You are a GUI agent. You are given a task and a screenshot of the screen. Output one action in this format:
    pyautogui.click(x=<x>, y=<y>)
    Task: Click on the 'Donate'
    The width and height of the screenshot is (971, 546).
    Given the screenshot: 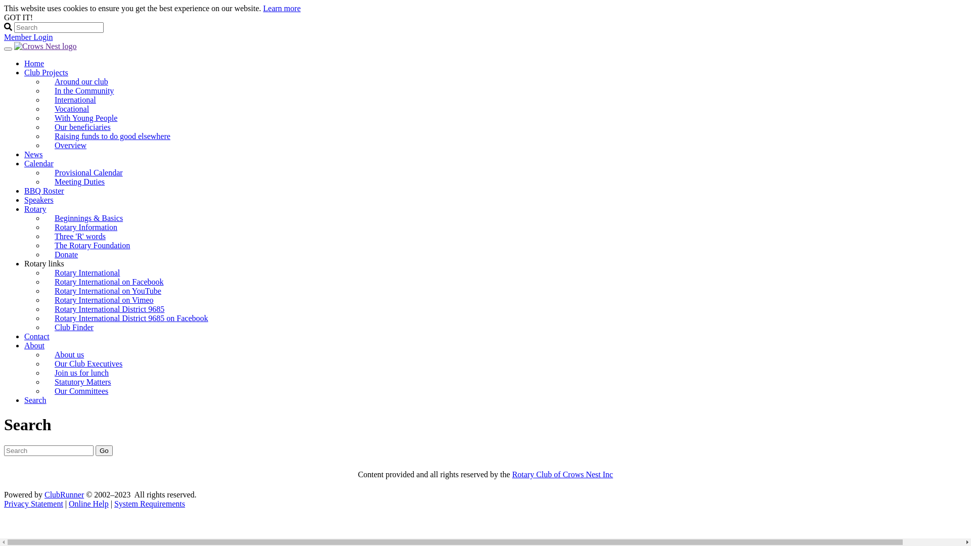 What is the action you would take?
    pyautogui.click(x=65, y=254)
    